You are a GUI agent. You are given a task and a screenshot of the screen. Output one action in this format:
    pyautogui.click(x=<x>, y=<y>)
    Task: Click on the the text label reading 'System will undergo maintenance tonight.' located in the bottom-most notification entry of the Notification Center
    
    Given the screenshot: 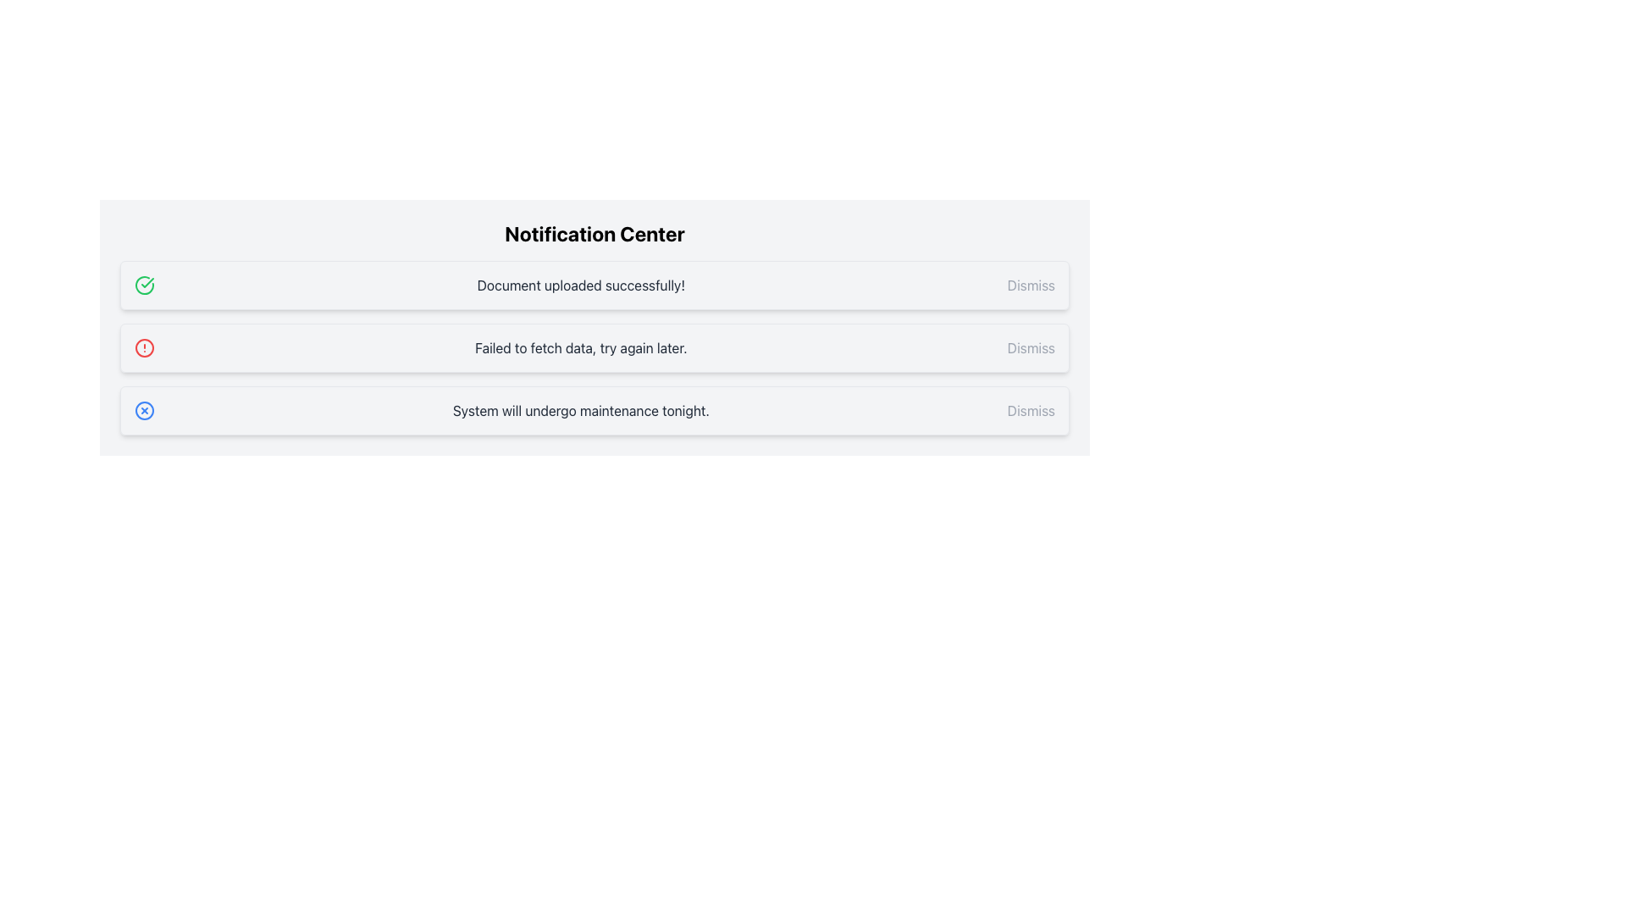 What is the action you would take?
    pyautogui.click(x=581, y=411)
    